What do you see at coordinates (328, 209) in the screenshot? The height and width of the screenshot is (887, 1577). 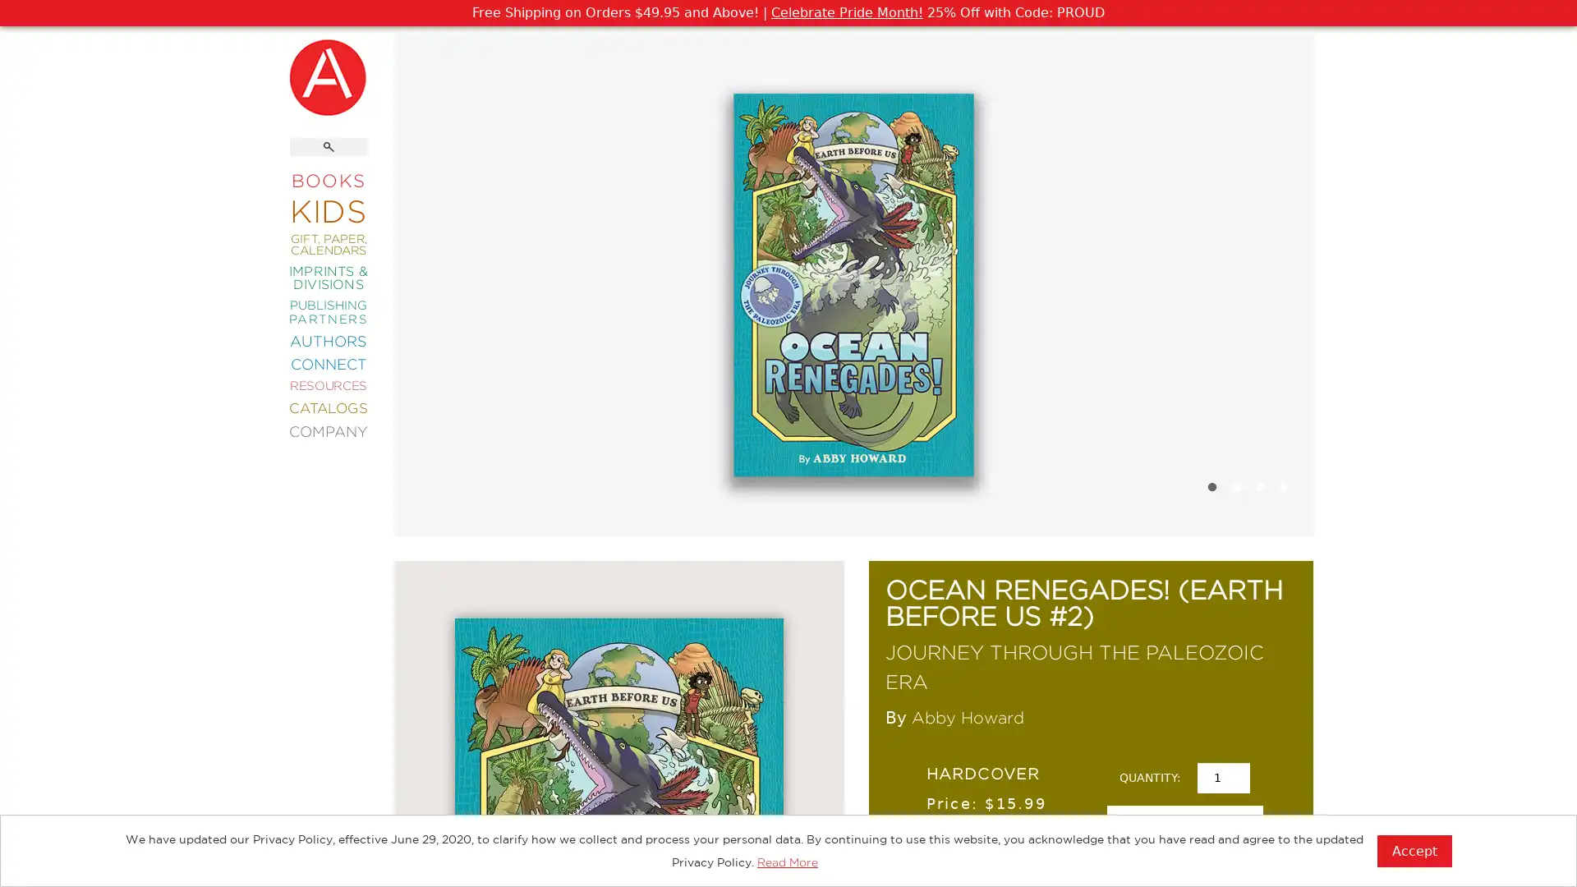 I see `KIDS` at bounding box center [328, 209].